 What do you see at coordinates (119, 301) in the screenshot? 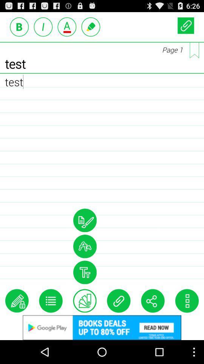
I see `to attachment` at bounding box center [119, 301].